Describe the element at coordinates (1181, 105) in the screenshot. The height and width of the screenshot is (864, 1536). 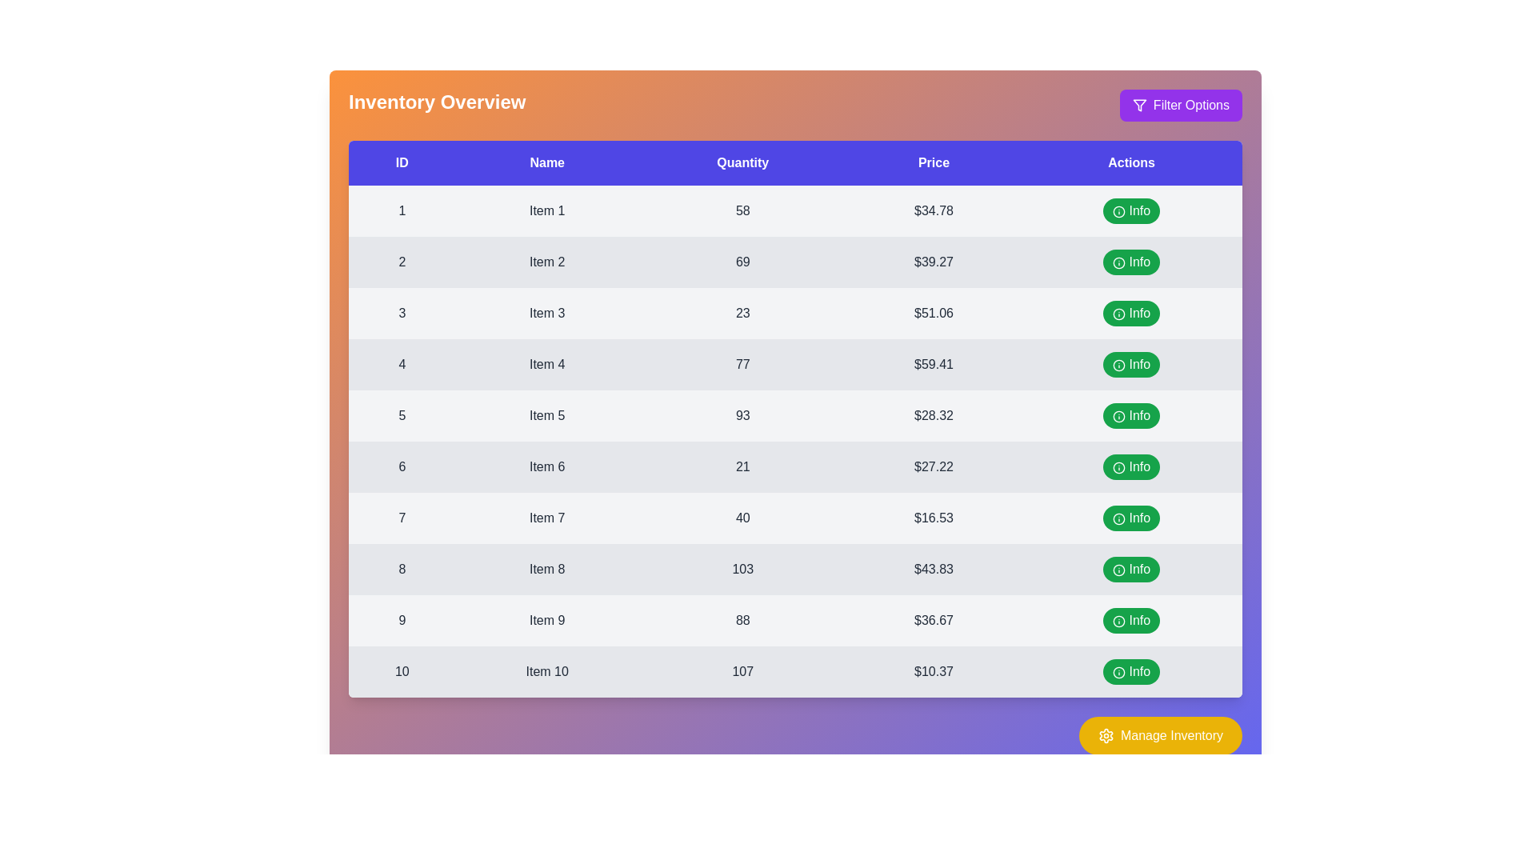
I see `the 'Filter Options' button to open the filter settings` at that location.